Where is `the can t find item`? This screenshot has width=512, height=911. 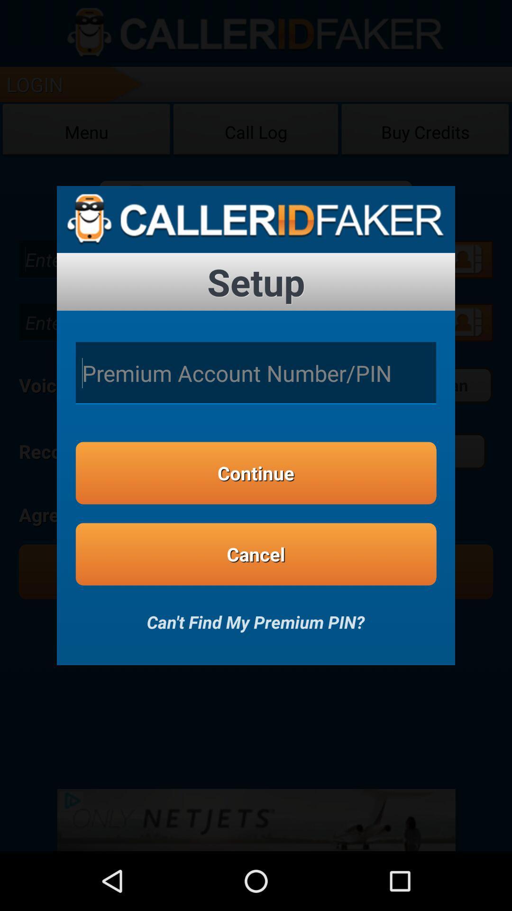 the can t find item is located at coordinates (255, 615).